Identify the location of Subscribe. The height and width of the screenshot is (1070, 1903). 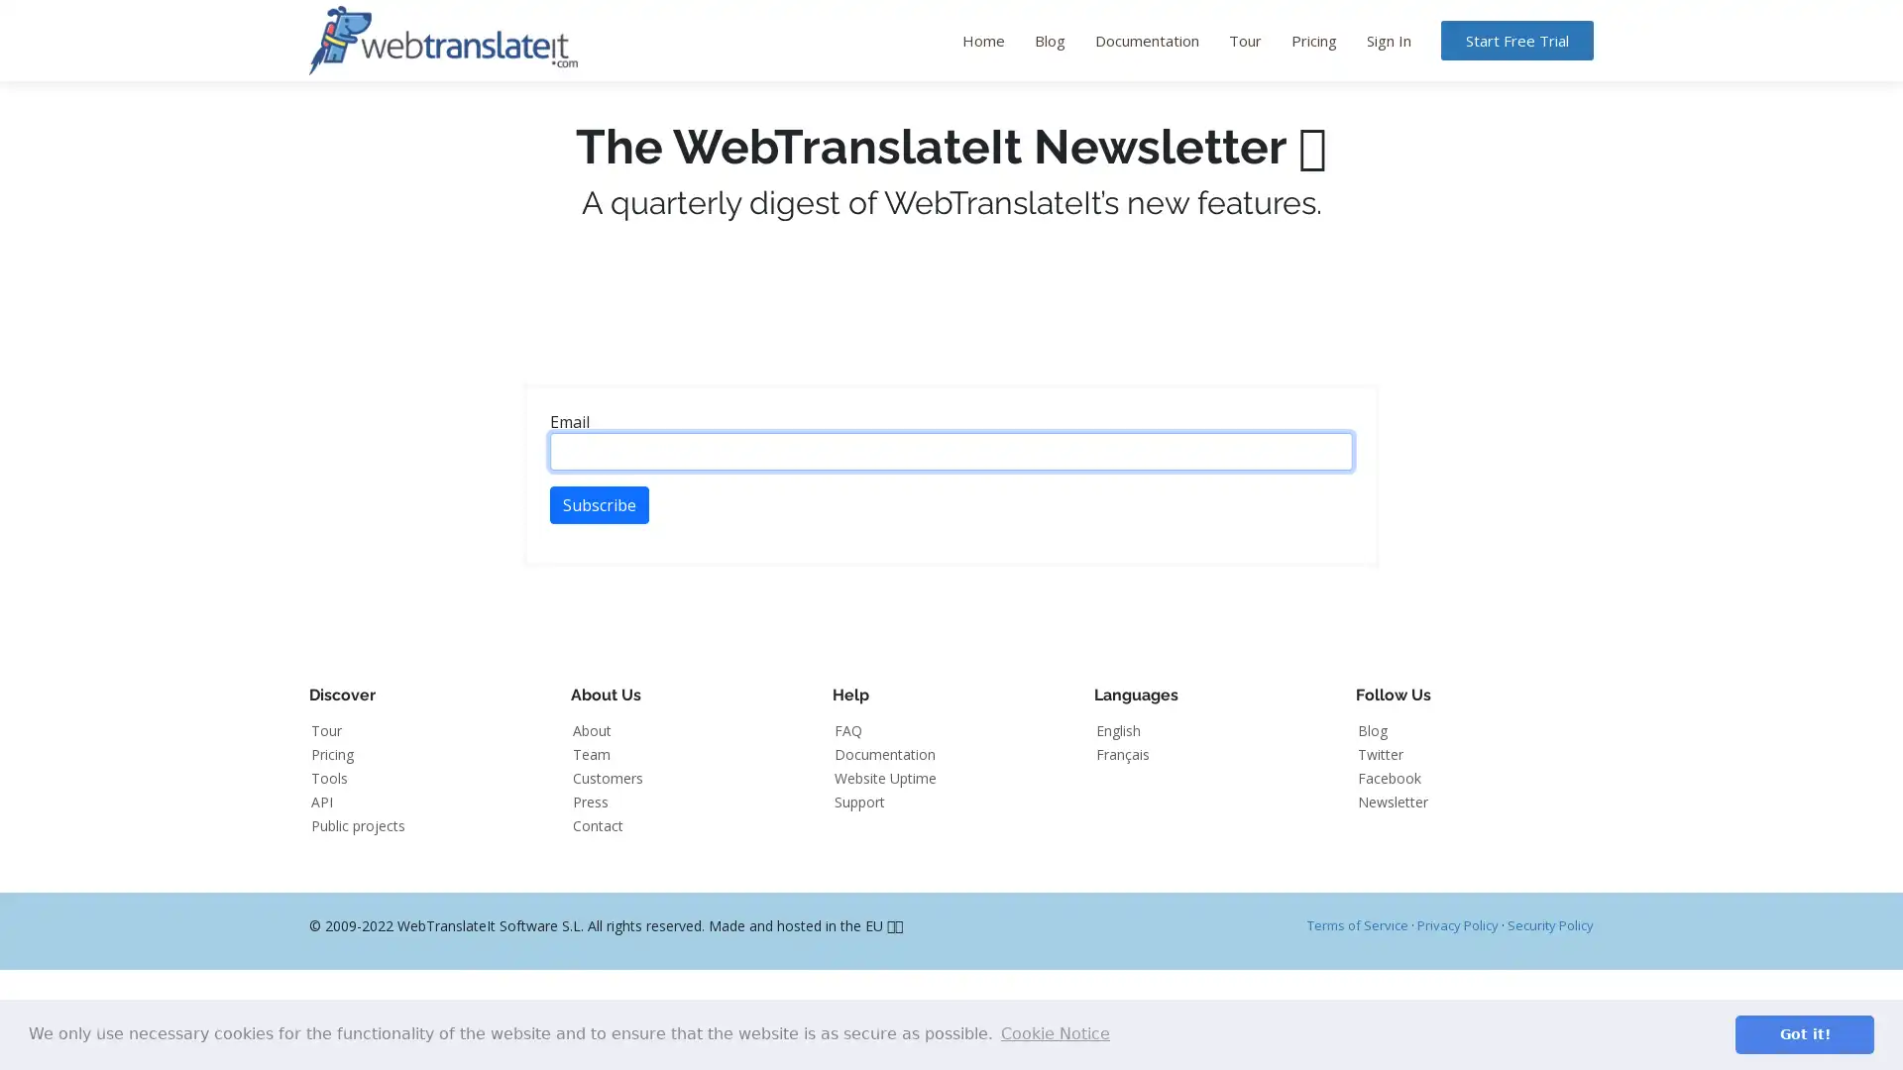
(598, 503).